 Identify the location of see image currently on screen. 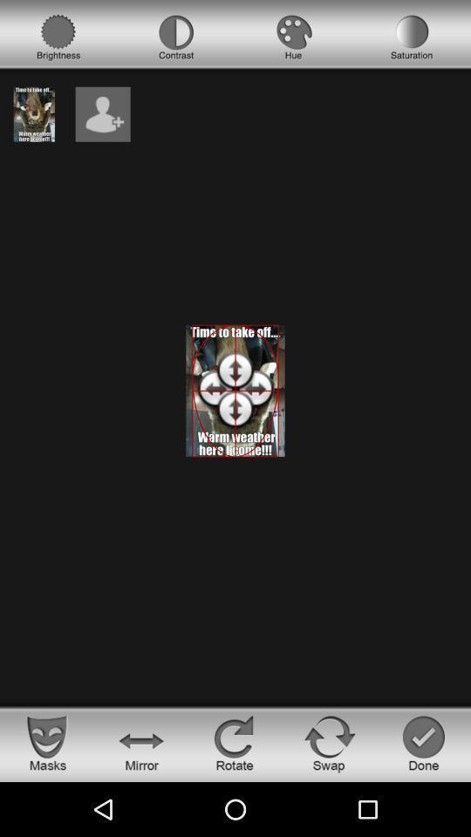
(34, 113).